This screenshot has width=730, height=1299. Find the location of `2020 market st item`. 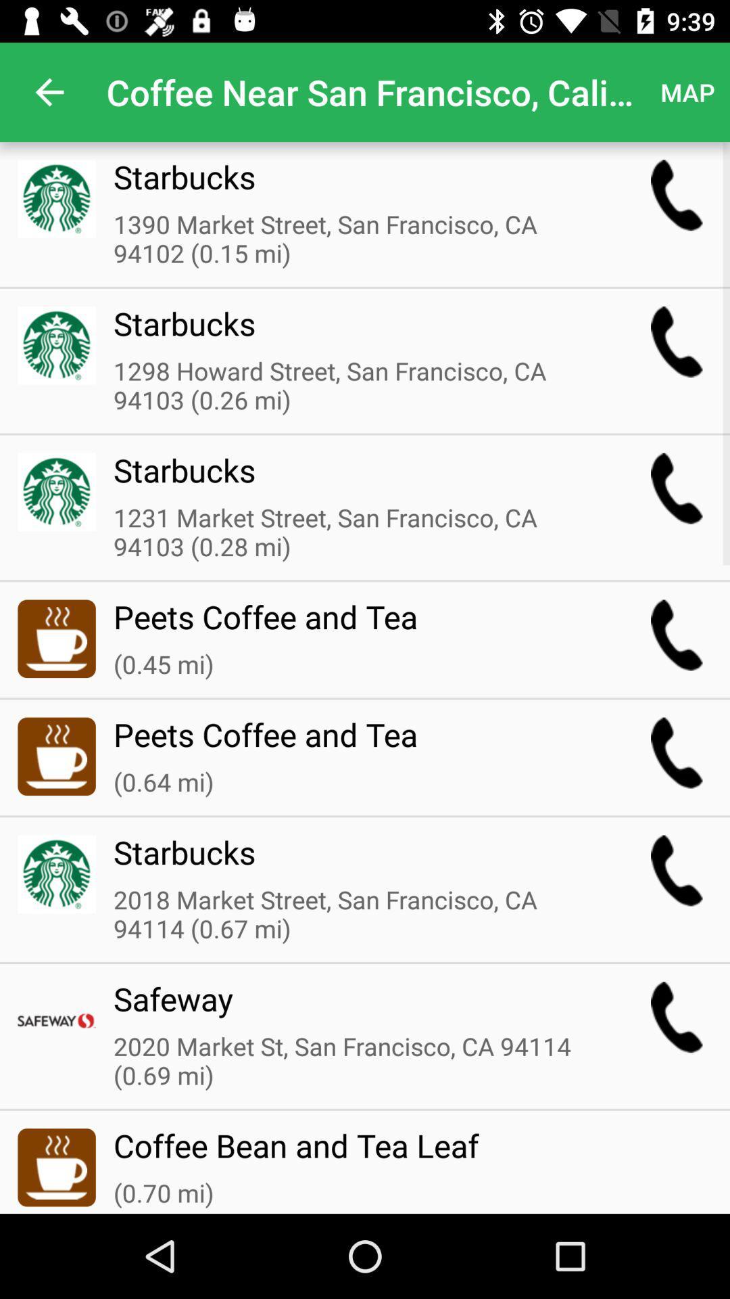

2020 market st item is located at coordinates (354, 1061).